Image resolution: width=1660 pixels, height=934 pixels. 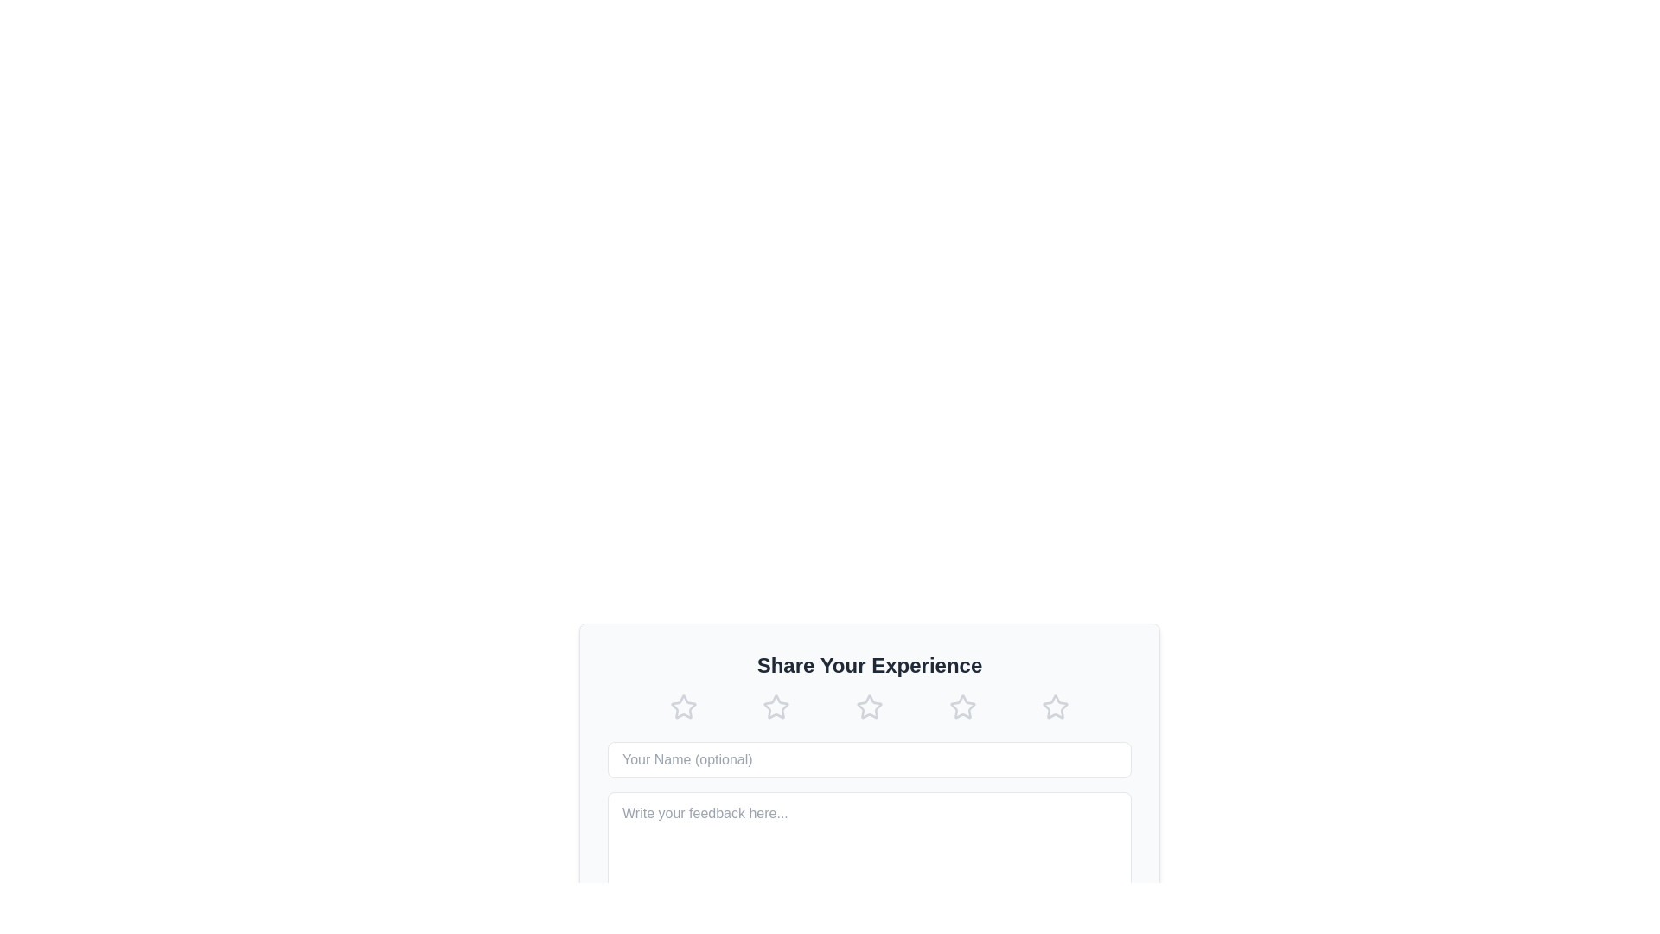 What do you see at coordinates (961, 707) in the screenshot?
I see `the fourth star-shaped rating icon with a hollow outline in the feedback section` at bounding box center [961, 707].